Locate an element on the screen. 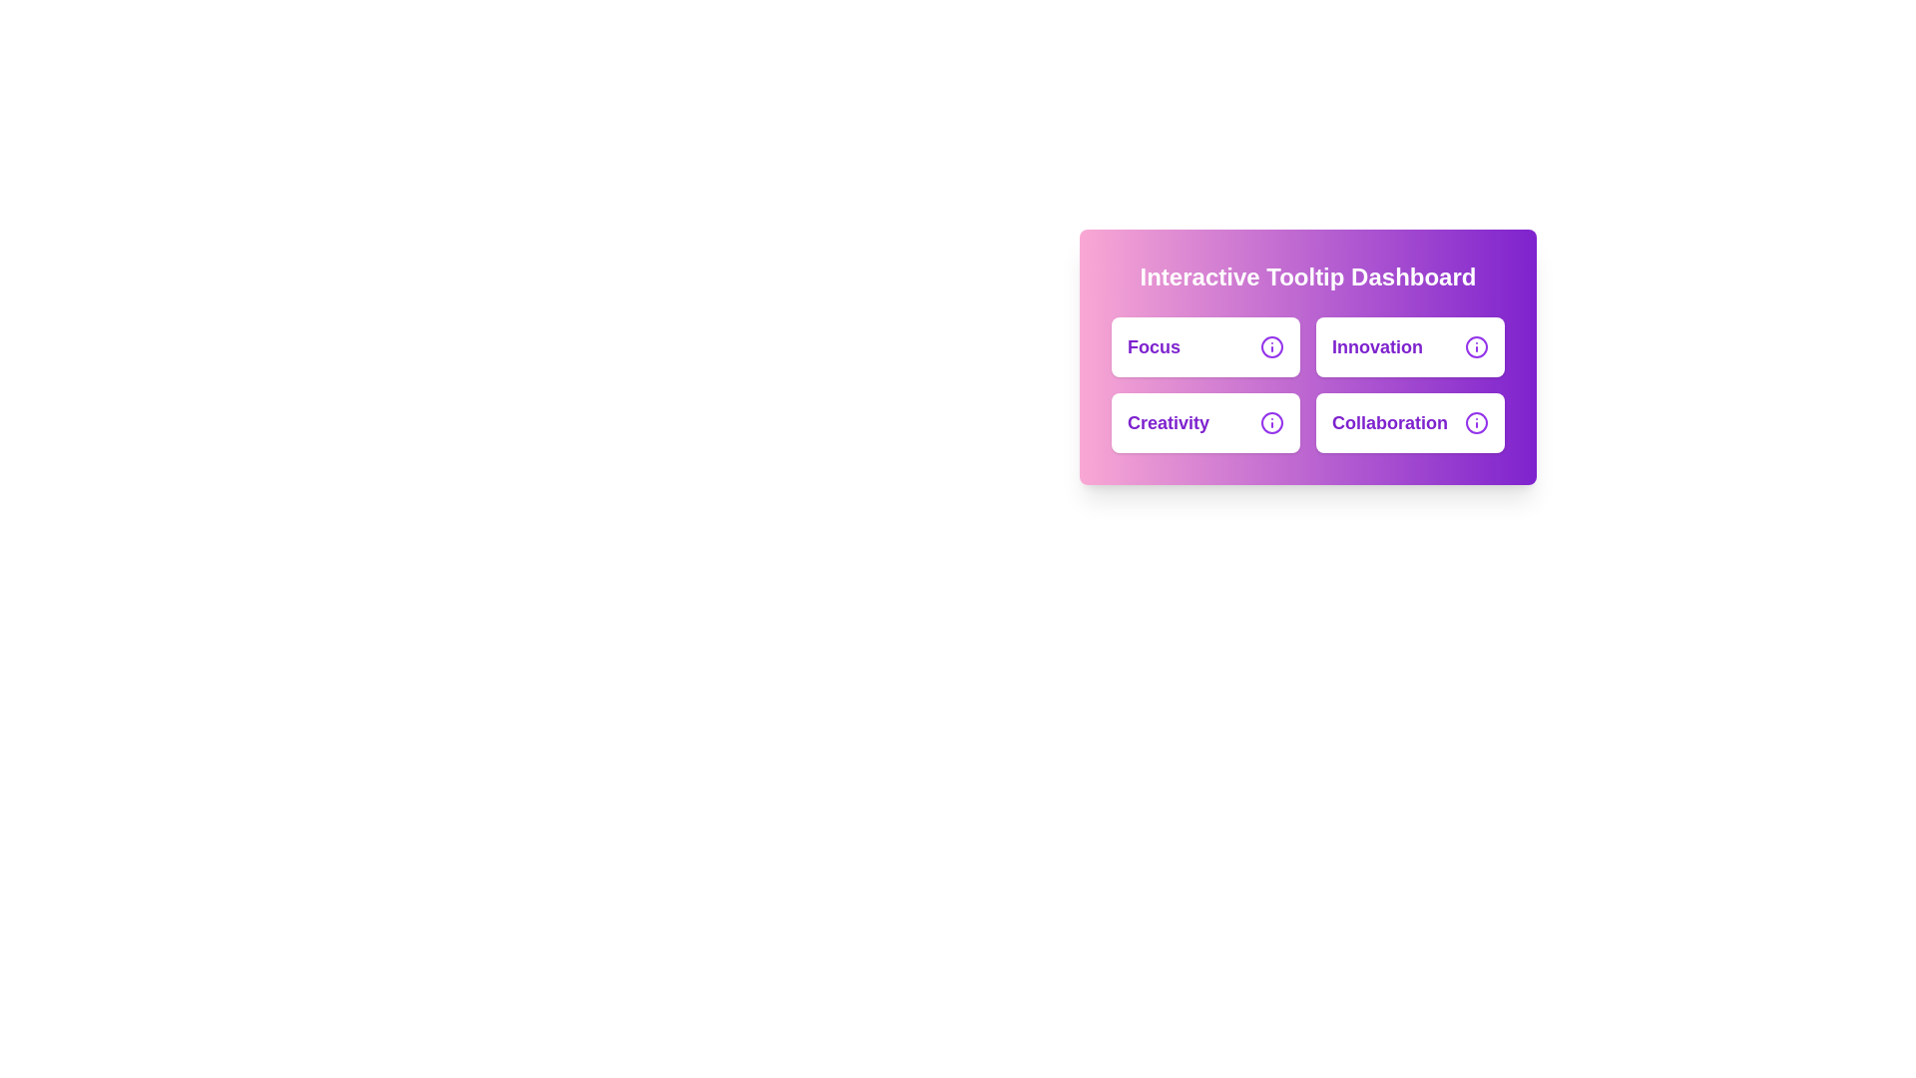 The width and height of the screenshot is (1916, 1078). the 'Creativity' text with icon label located in the lower left quadrant of the dashboard for additional information is located at coordinates (1204, 422).